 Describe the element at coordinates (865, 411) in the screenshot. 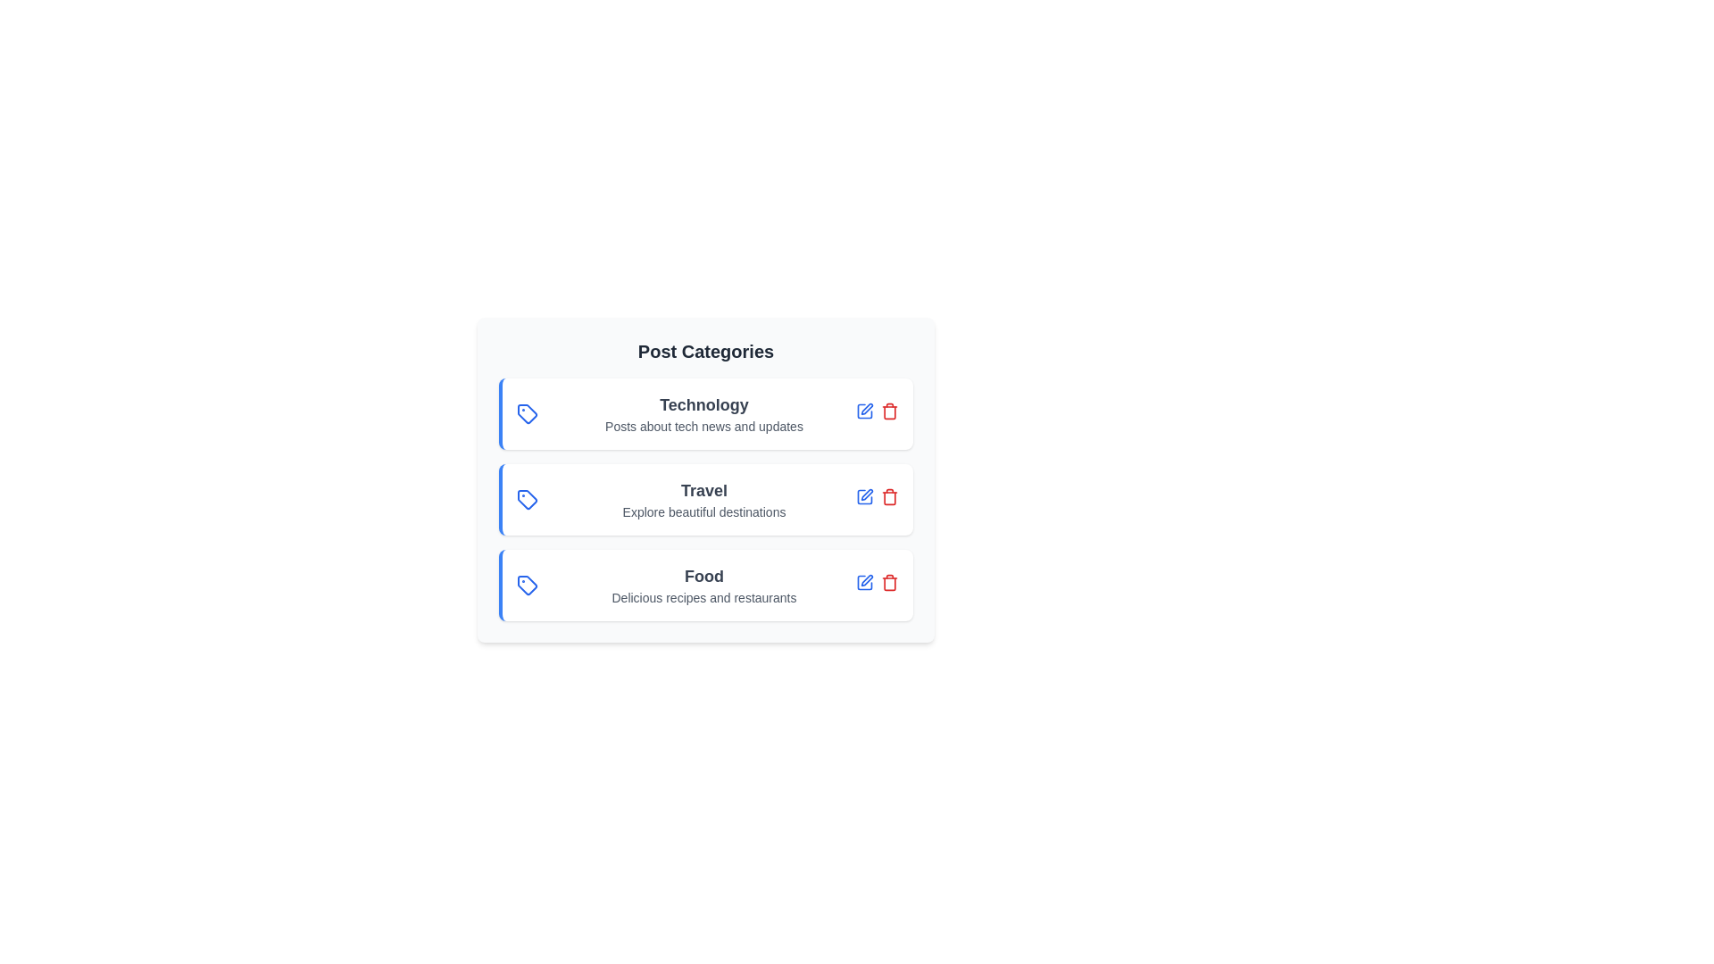

I see `edit button for the category Technology` at that location.